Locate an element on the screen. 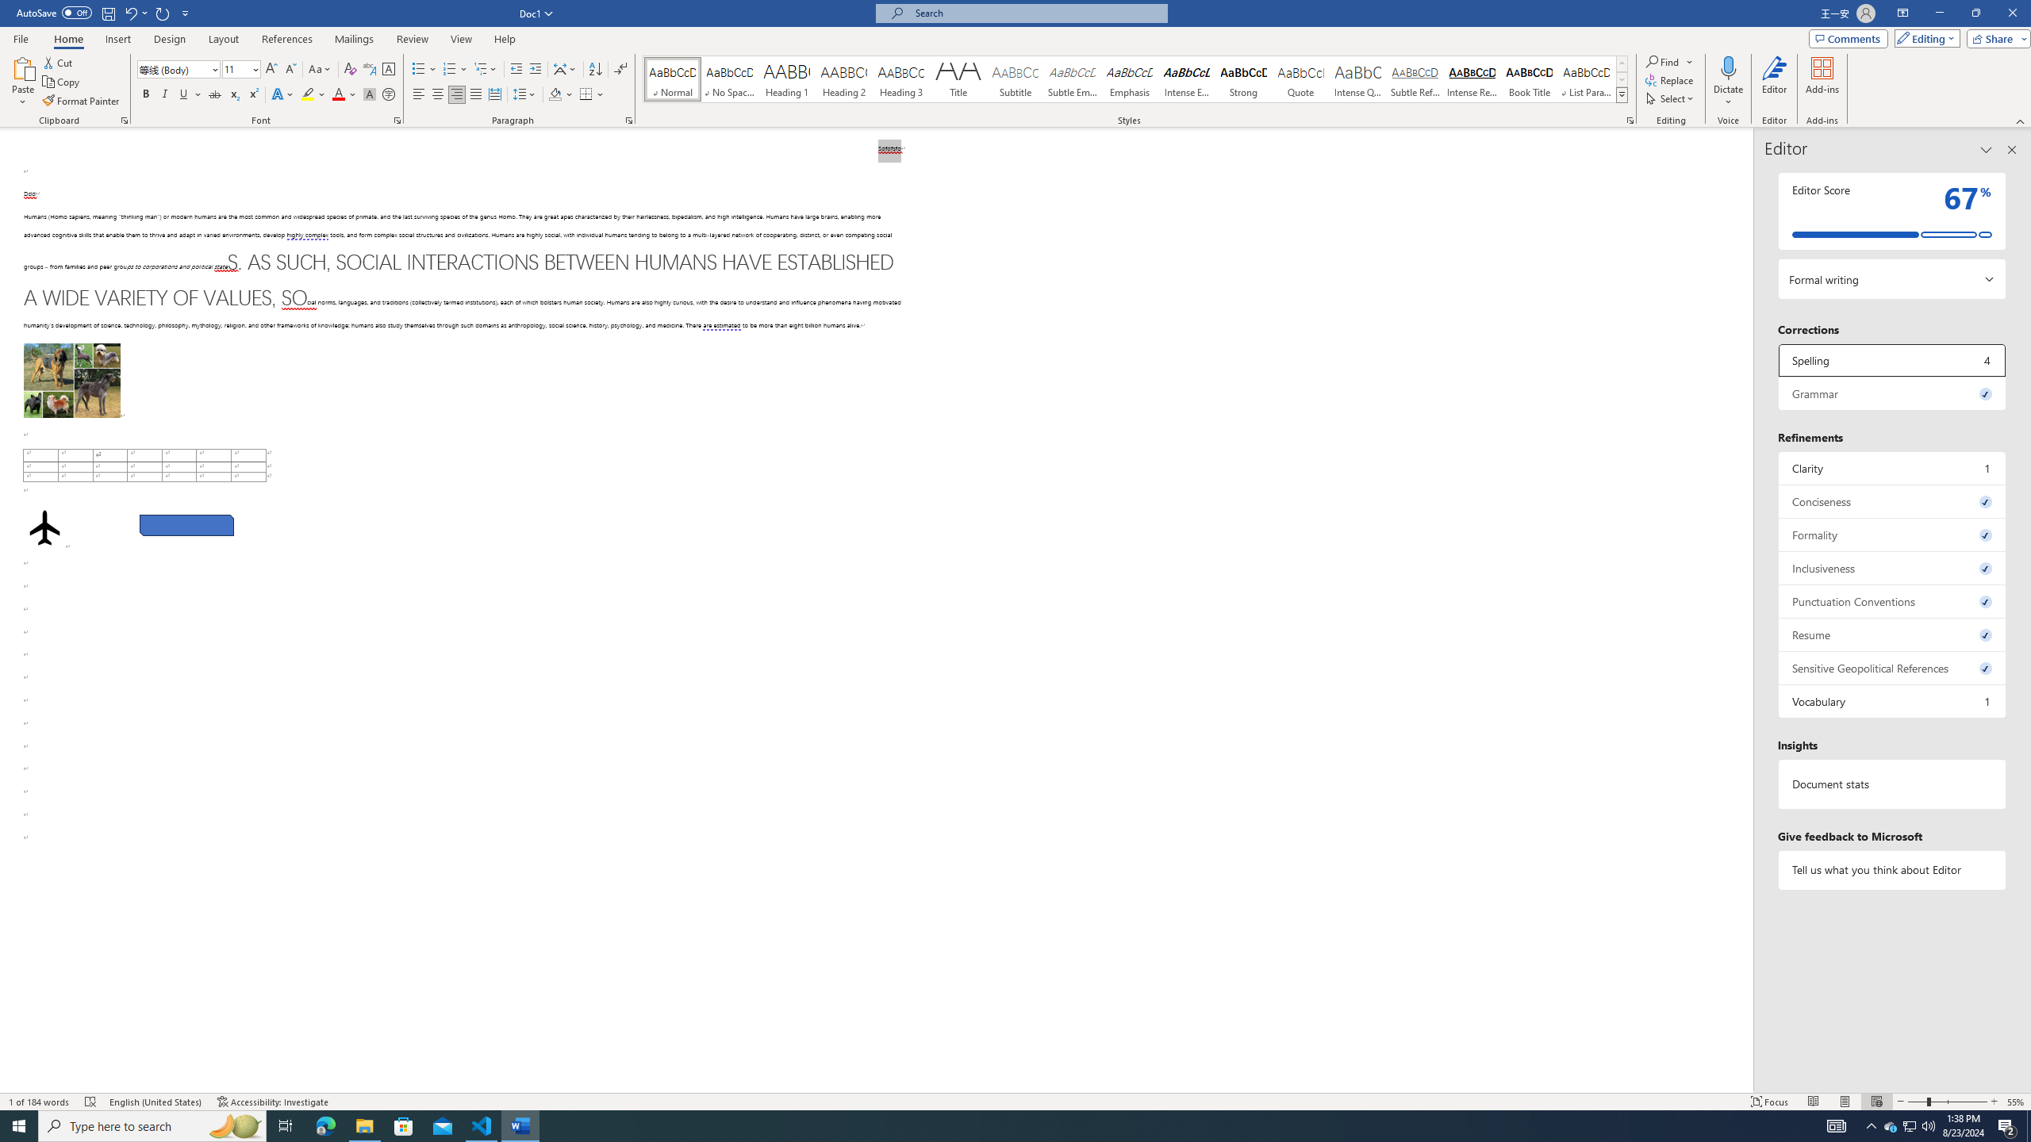  'Intense Reference' is located at coordinates (1472, 79).